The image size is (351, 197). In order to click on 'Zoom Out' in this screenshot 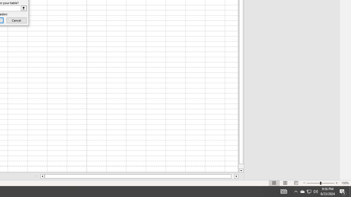, I will do `click(313, 183)`.